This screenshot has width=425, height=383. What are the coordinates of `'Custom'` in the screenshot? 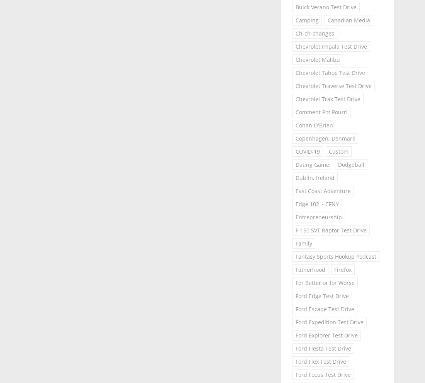 It's located at (338, 151).